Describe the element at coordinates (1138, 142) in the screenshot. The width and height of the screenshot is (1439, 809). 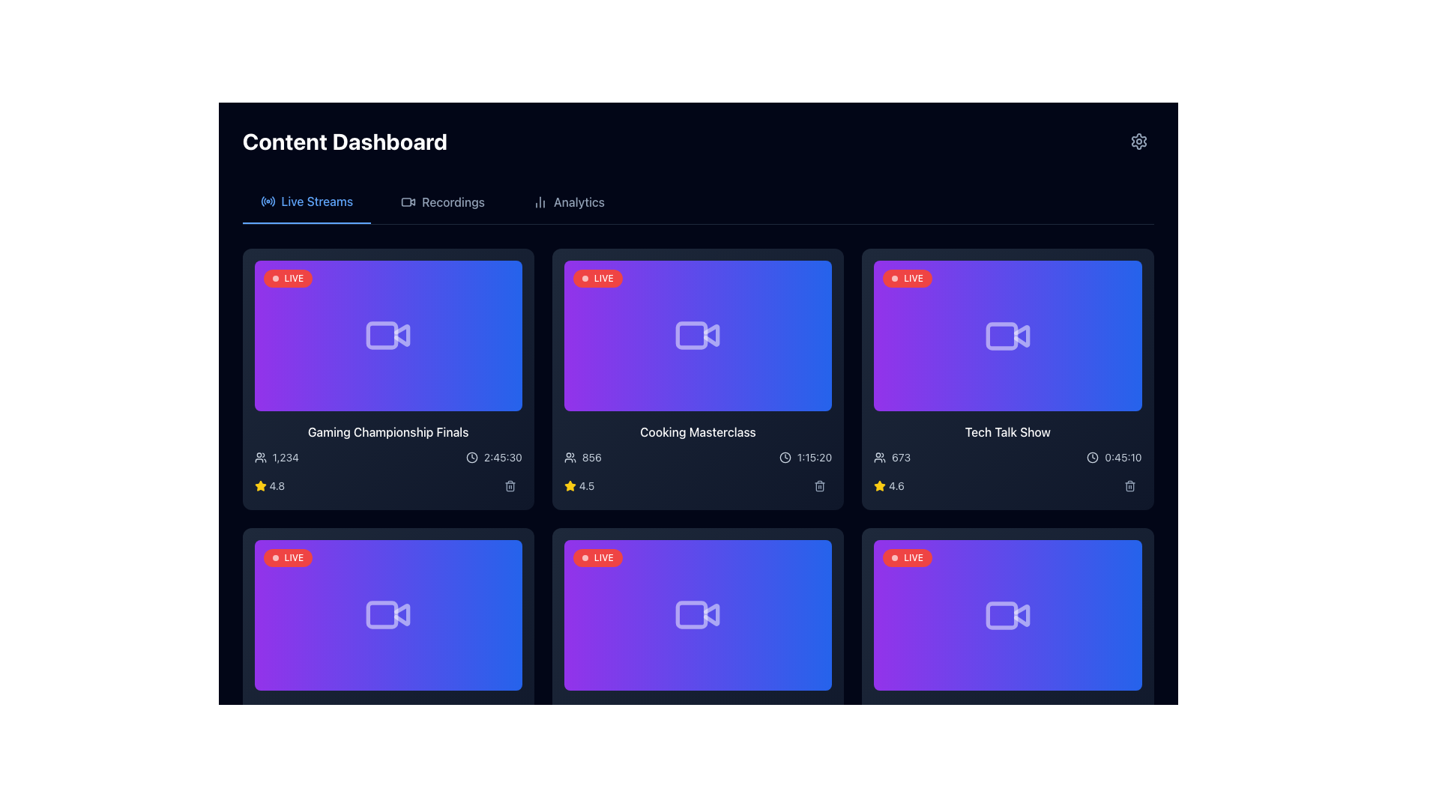
I see `the gear-shaped settings button located at the top-right corner of the interface, which changes color to white on hover` at that location.